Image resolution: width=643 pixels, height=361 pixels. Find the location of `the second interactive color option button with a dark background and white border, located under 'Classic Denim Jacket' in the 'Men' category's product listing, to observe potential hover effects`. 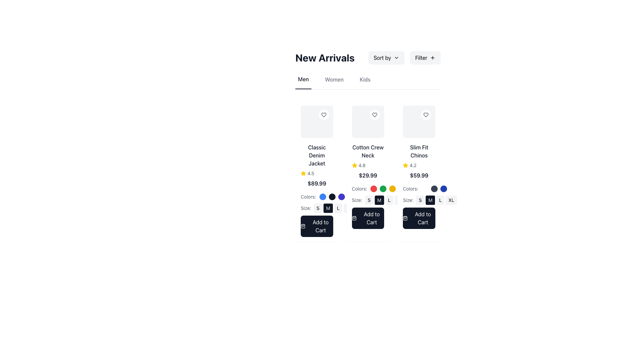

the second interactive color option button with a dark background and white border, located under 'Classic Denim Jacket' in the 'Men' category's product listing, to observe potential hover effects is located at coordinates (332, 196).